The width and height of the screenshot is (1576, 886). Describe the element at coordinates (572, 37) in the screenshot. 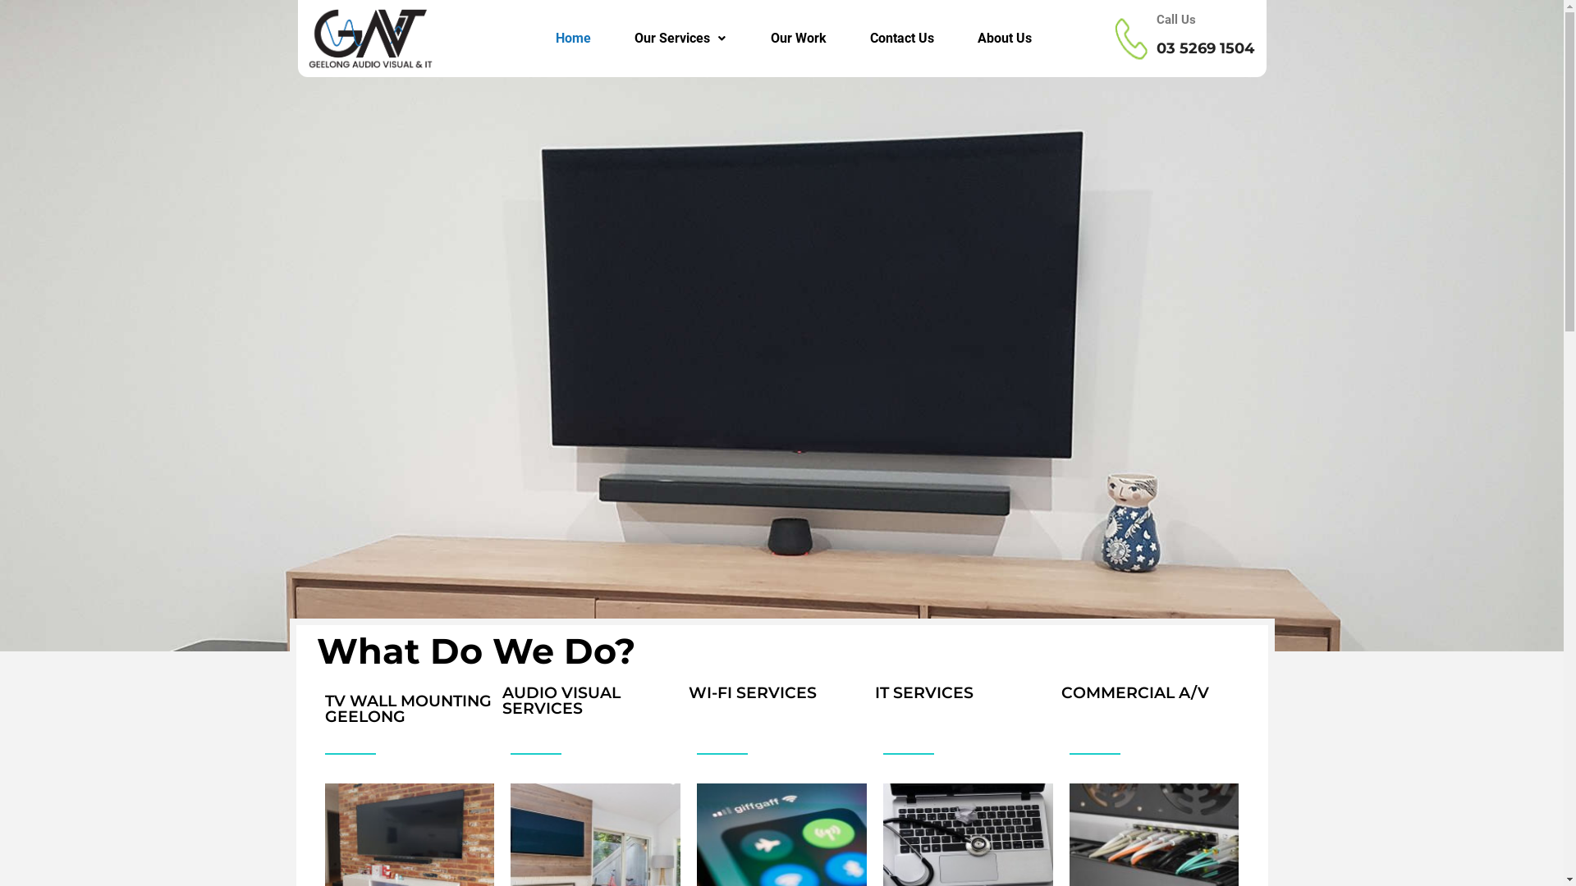

I see `'Home'` at that location.